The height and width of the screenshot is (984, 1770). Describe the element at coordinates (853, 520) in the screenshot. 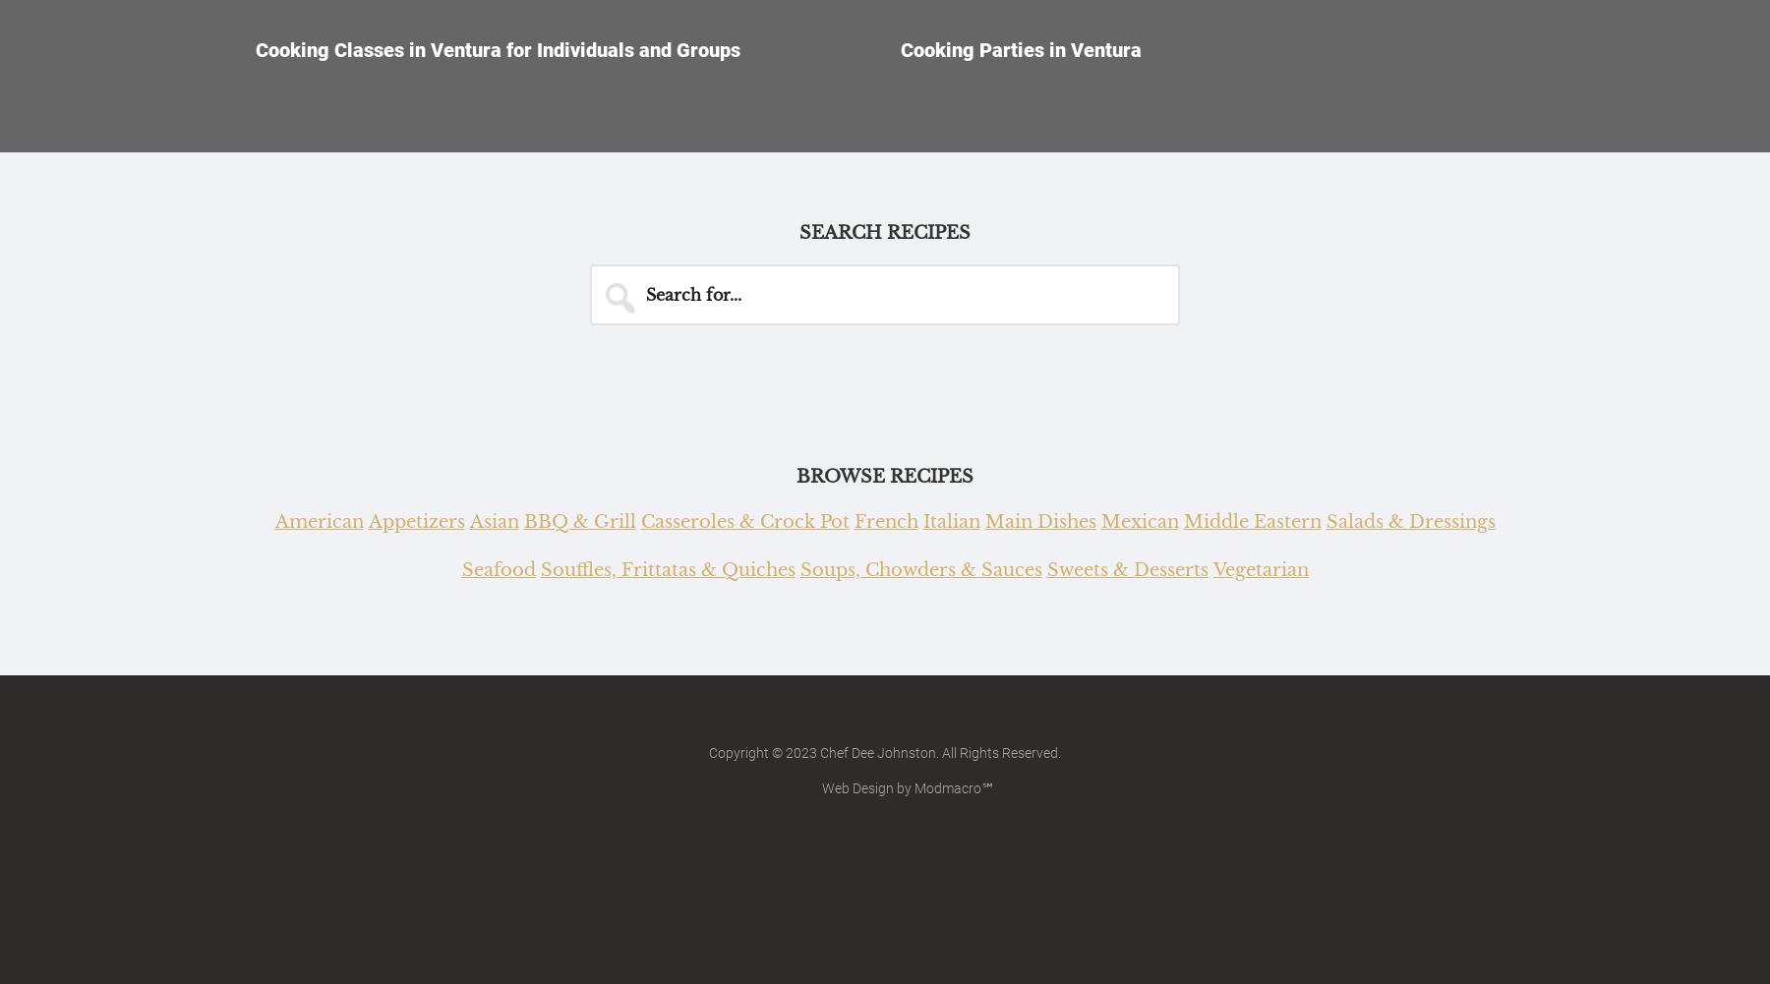

I see `'French'` at that location.